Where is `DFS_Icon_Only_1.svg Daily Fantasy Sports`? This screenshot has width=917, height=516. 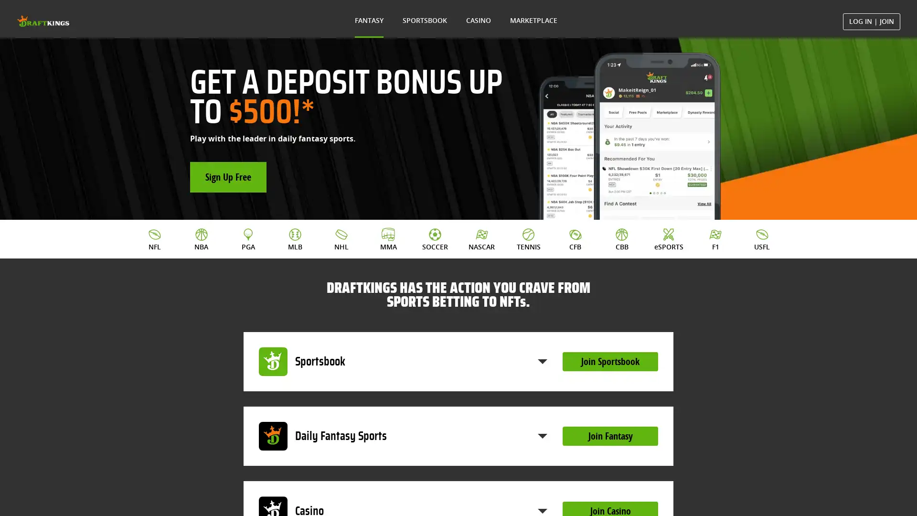 DFS_Icon_Only_1.svg Daily Fantasy Sports is located at coordinates (403, 436).